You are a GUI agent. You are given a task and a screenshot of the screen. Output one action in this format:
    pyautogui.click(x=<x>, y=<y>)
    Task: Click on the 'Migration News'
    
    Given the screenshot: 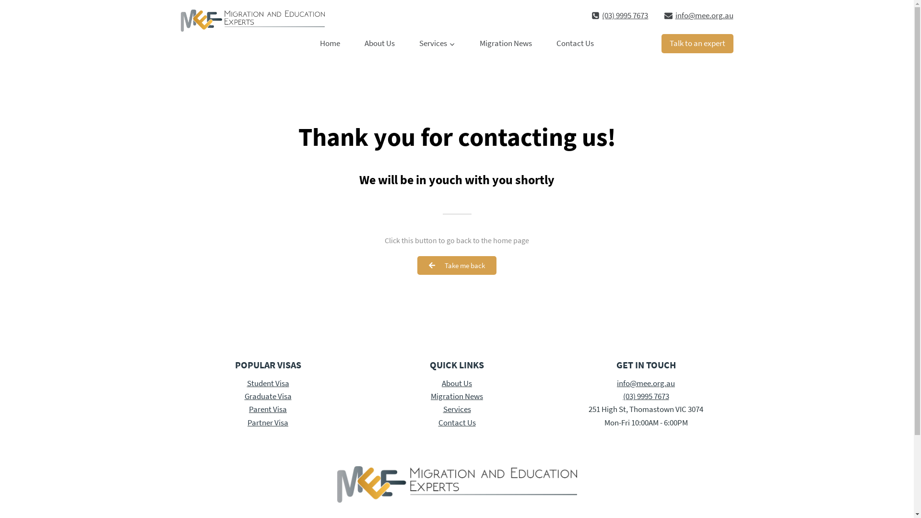 What is the action you would take?
    pyautogui.click(x=505, y=44)
    